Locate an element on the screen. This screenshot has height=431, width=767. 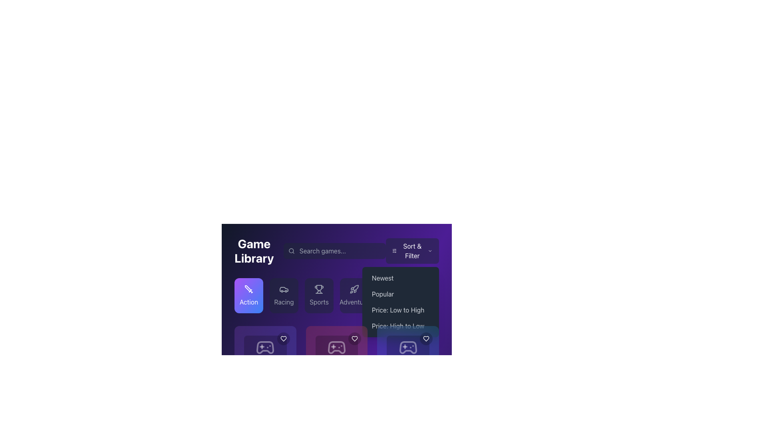
the button located in the upper-right corner of the interface is located at coordinates (412, 250).